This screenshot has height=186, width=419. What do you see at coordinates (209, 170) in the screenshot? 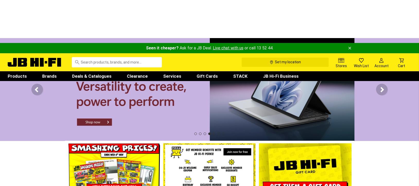
I see `'What's Hot'` at bounding box center [209, 170].